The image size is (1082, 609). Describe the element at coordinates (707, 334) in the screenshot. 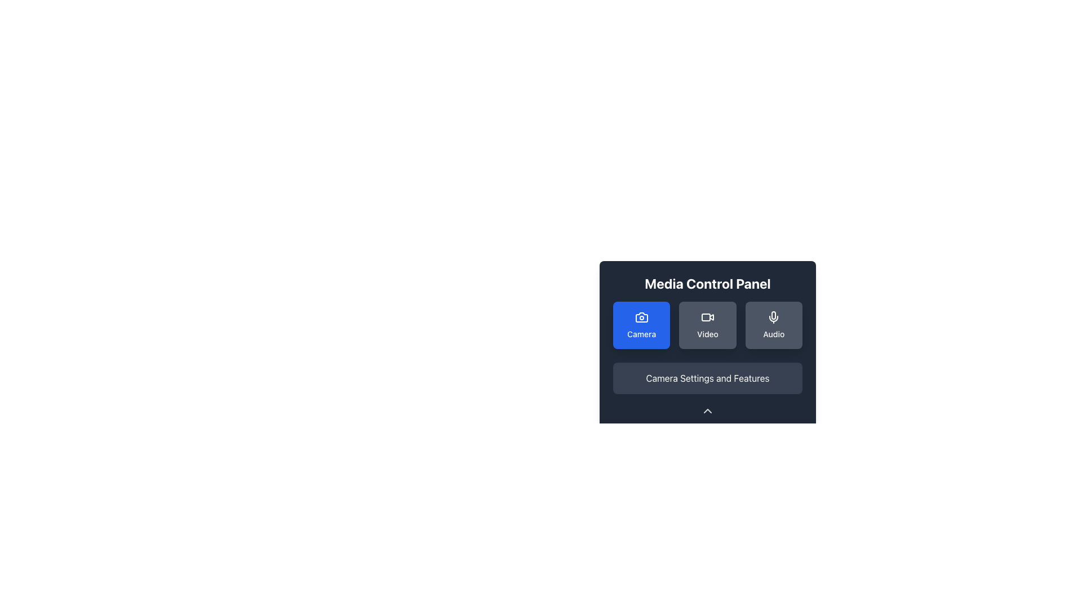

I see `the label text for 'Video' located under the button with a video camera icon in the 'Media Control Panel' to trigger a tooltip or focus change` at that location.